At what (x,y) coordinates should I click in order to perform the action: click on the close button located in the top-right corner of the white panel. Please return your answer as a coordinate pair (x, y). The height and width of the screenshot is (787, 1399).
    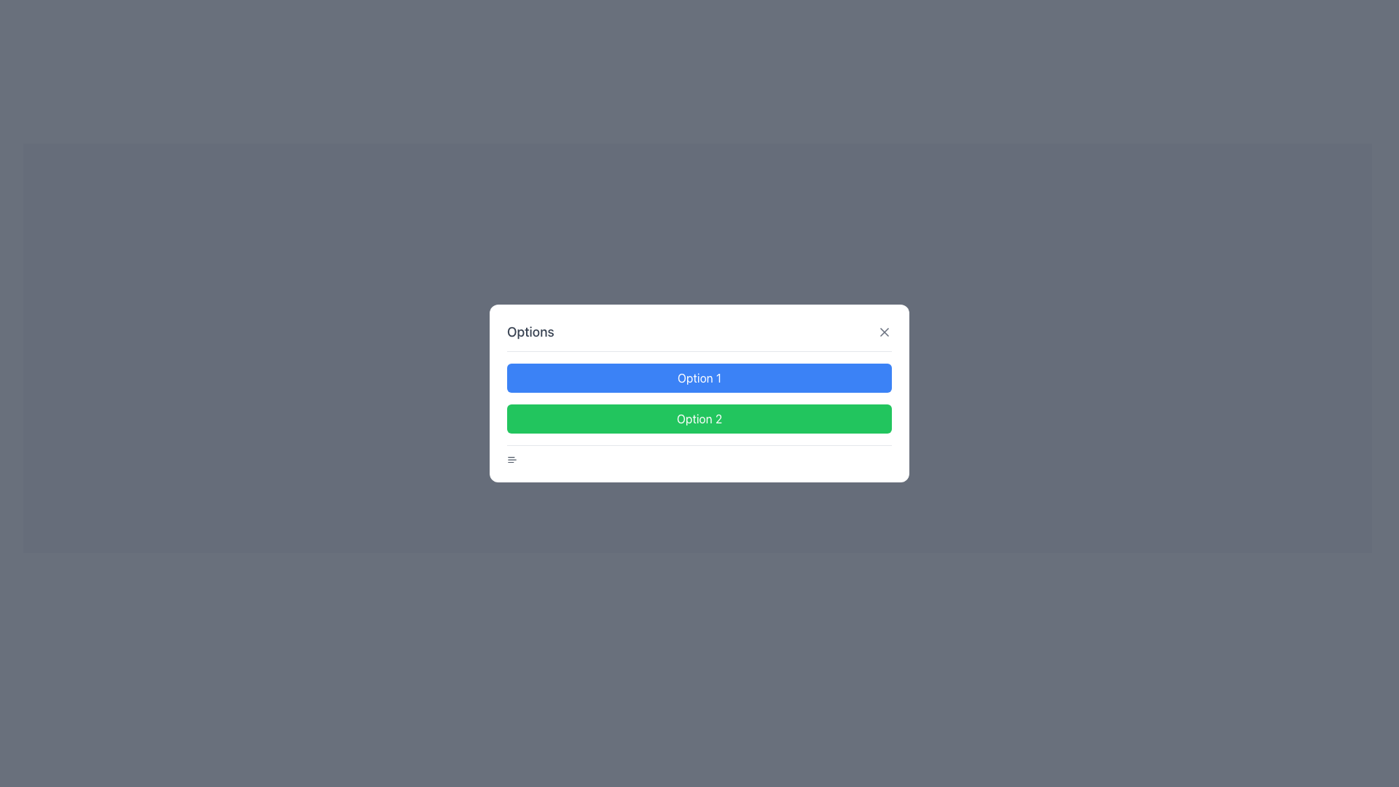
    Looking at the image, I should click on (884, 332).